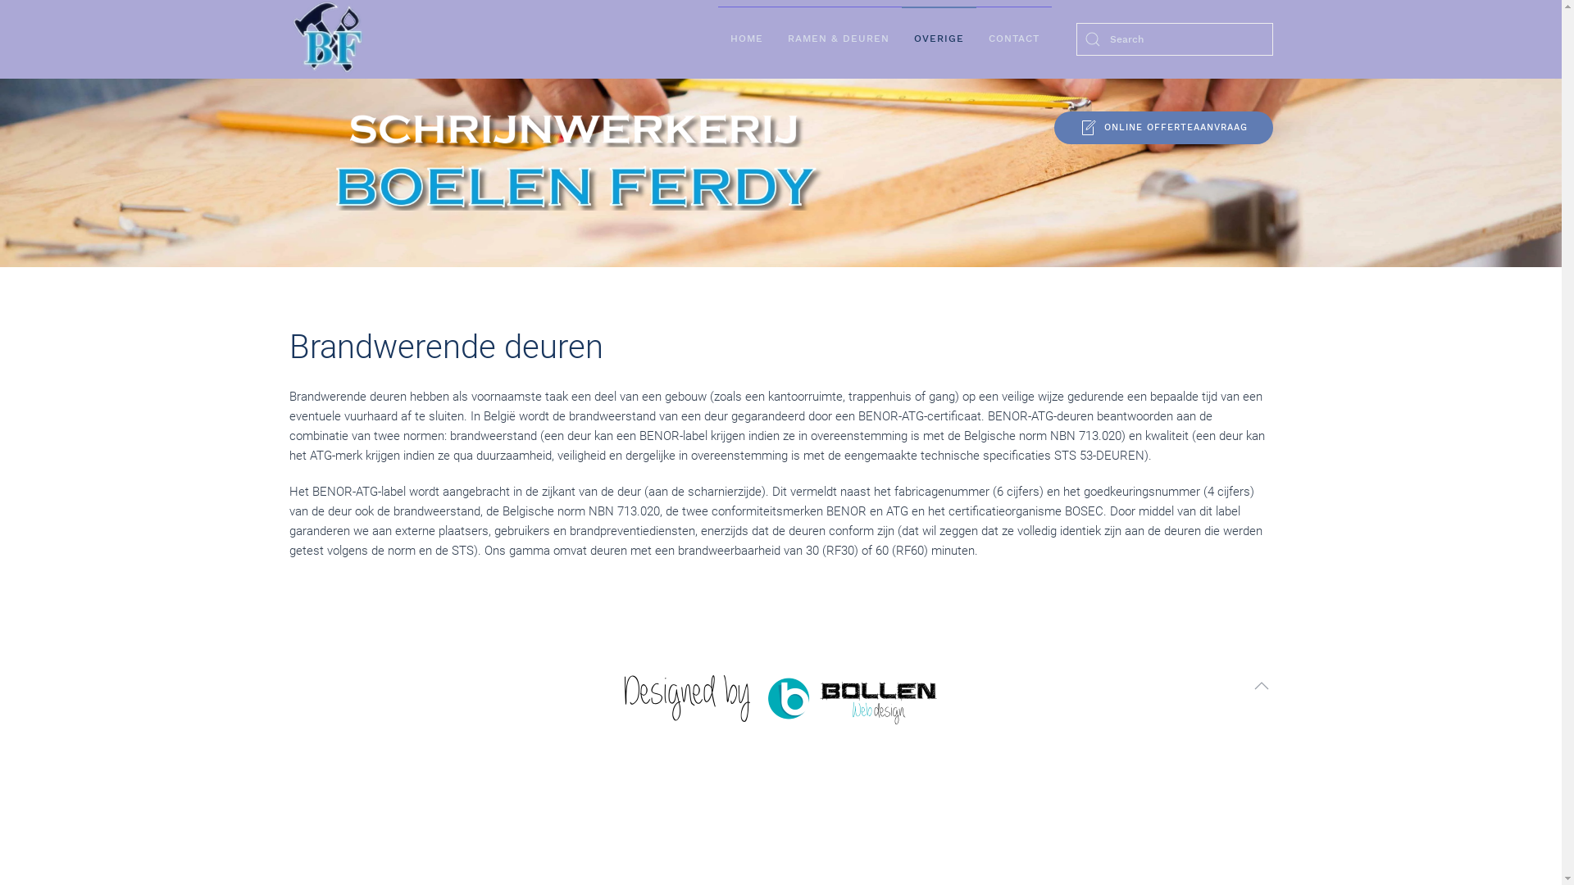  I want to click on 'OVERIGE', so click(939, 38).